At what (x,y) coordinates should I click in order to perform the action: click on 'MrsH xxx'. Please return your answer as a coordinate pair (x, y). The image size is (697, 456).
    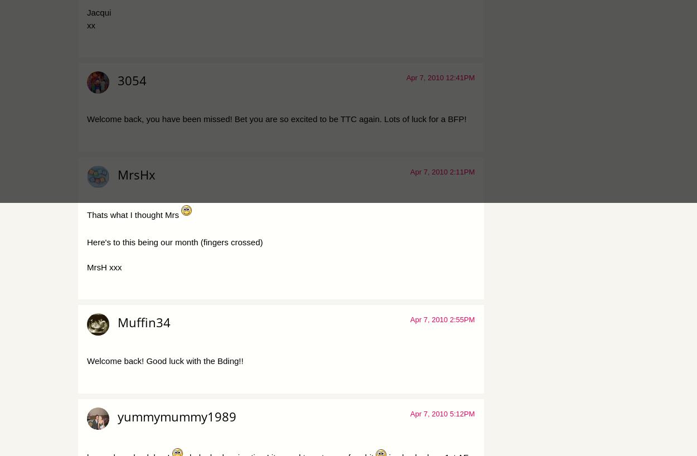
    Looking at the image, I should click on (87, 266).